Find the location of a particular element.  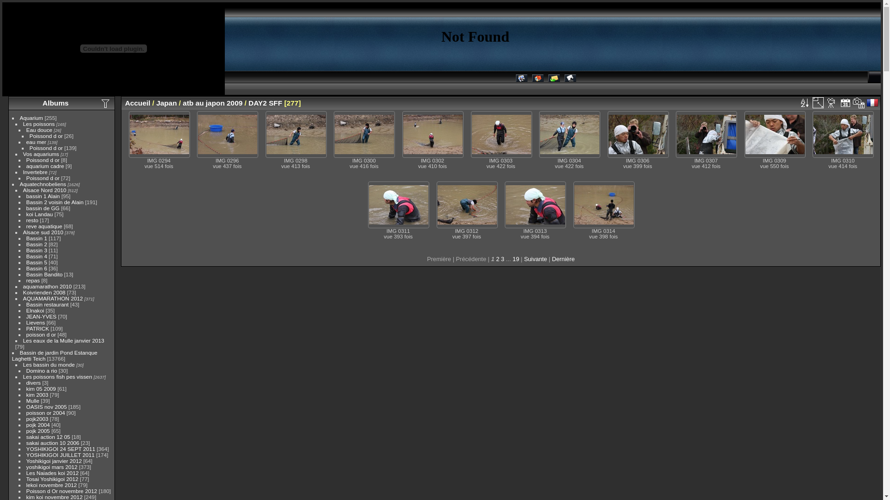

'Tosai Yoshikigoi 2012' is located at coordinates (52, 479).